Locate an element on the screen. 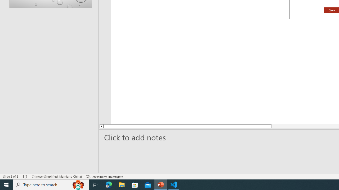 Image resolution: width=339 pixels, height=190 pixels. 'Microsoft Edge' is located at coordinates (109, 184).